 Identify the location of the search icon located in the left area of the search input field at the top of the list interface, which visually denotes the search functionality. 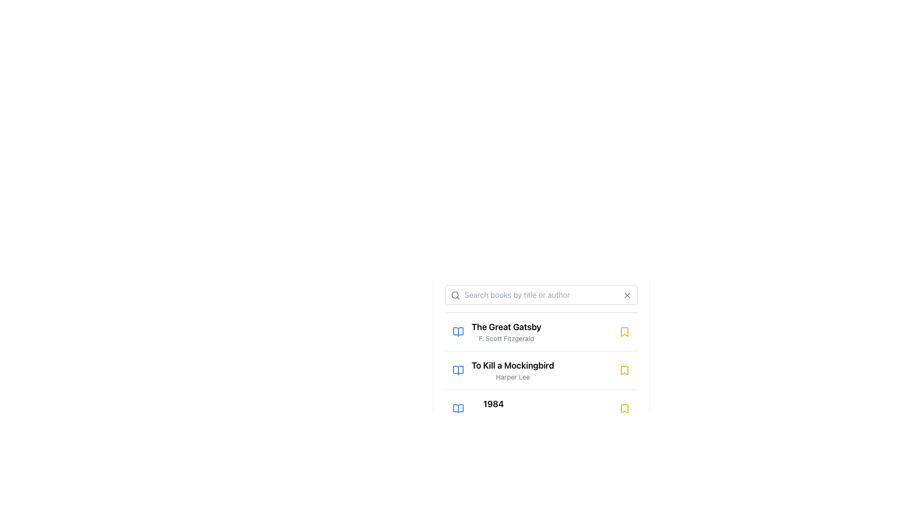
(455, 294).